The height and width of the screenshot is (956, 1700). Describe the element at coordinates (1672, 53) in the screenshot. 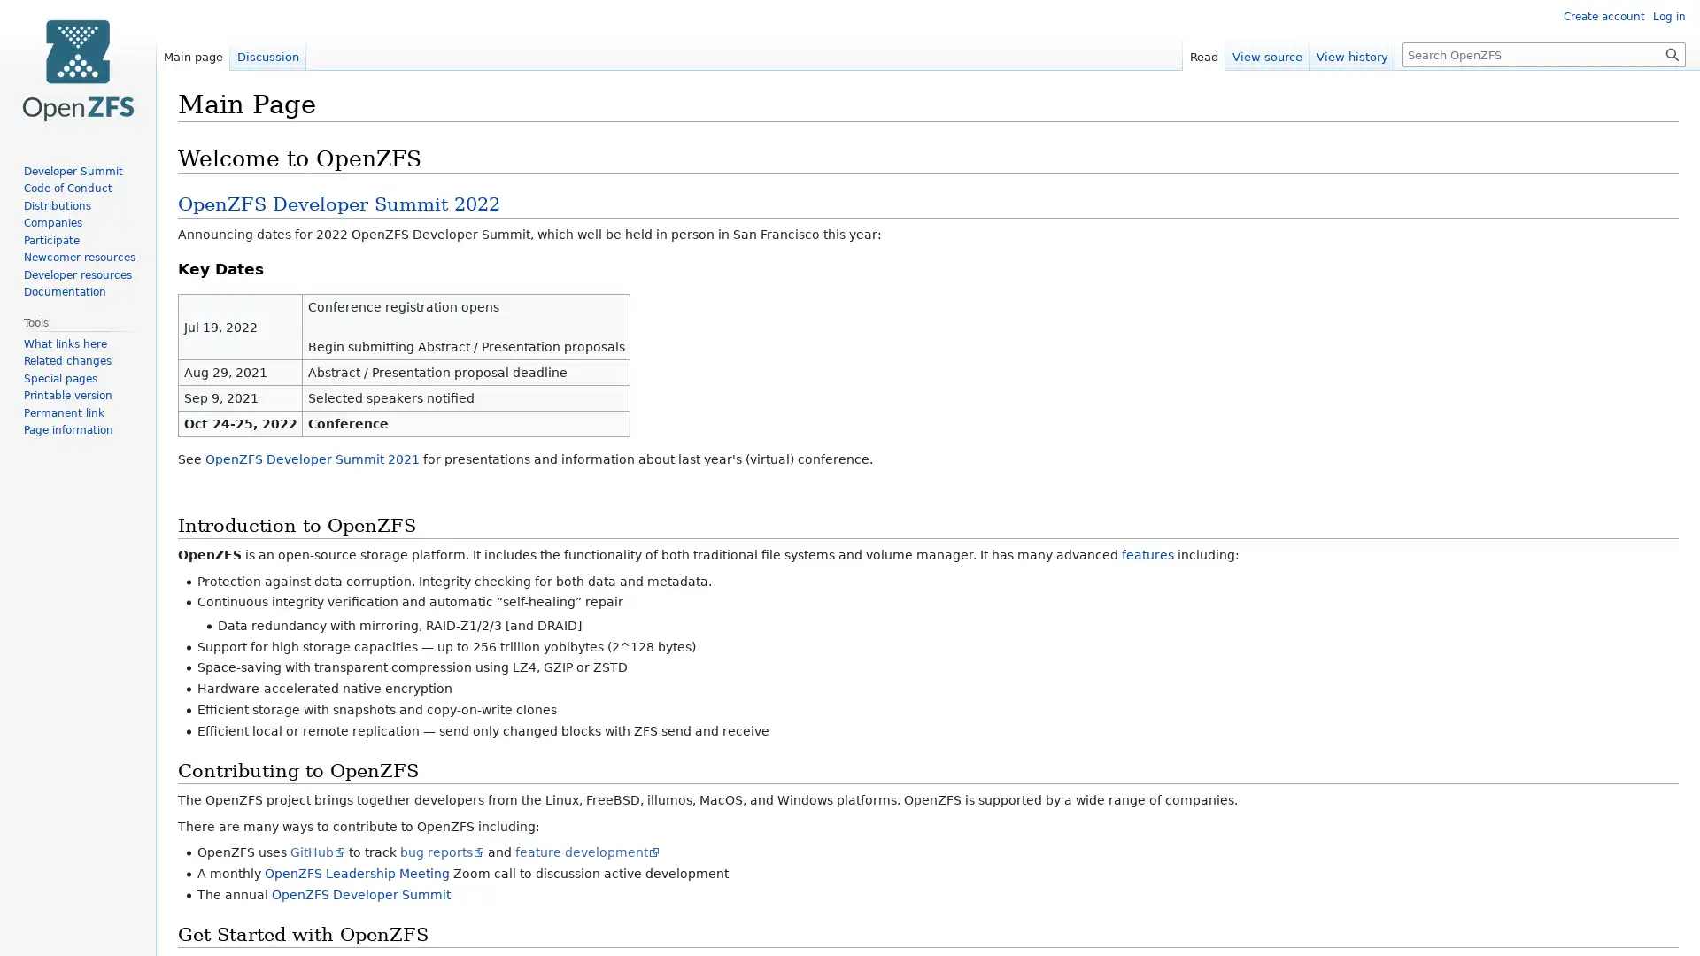

I see `Go` at that location.